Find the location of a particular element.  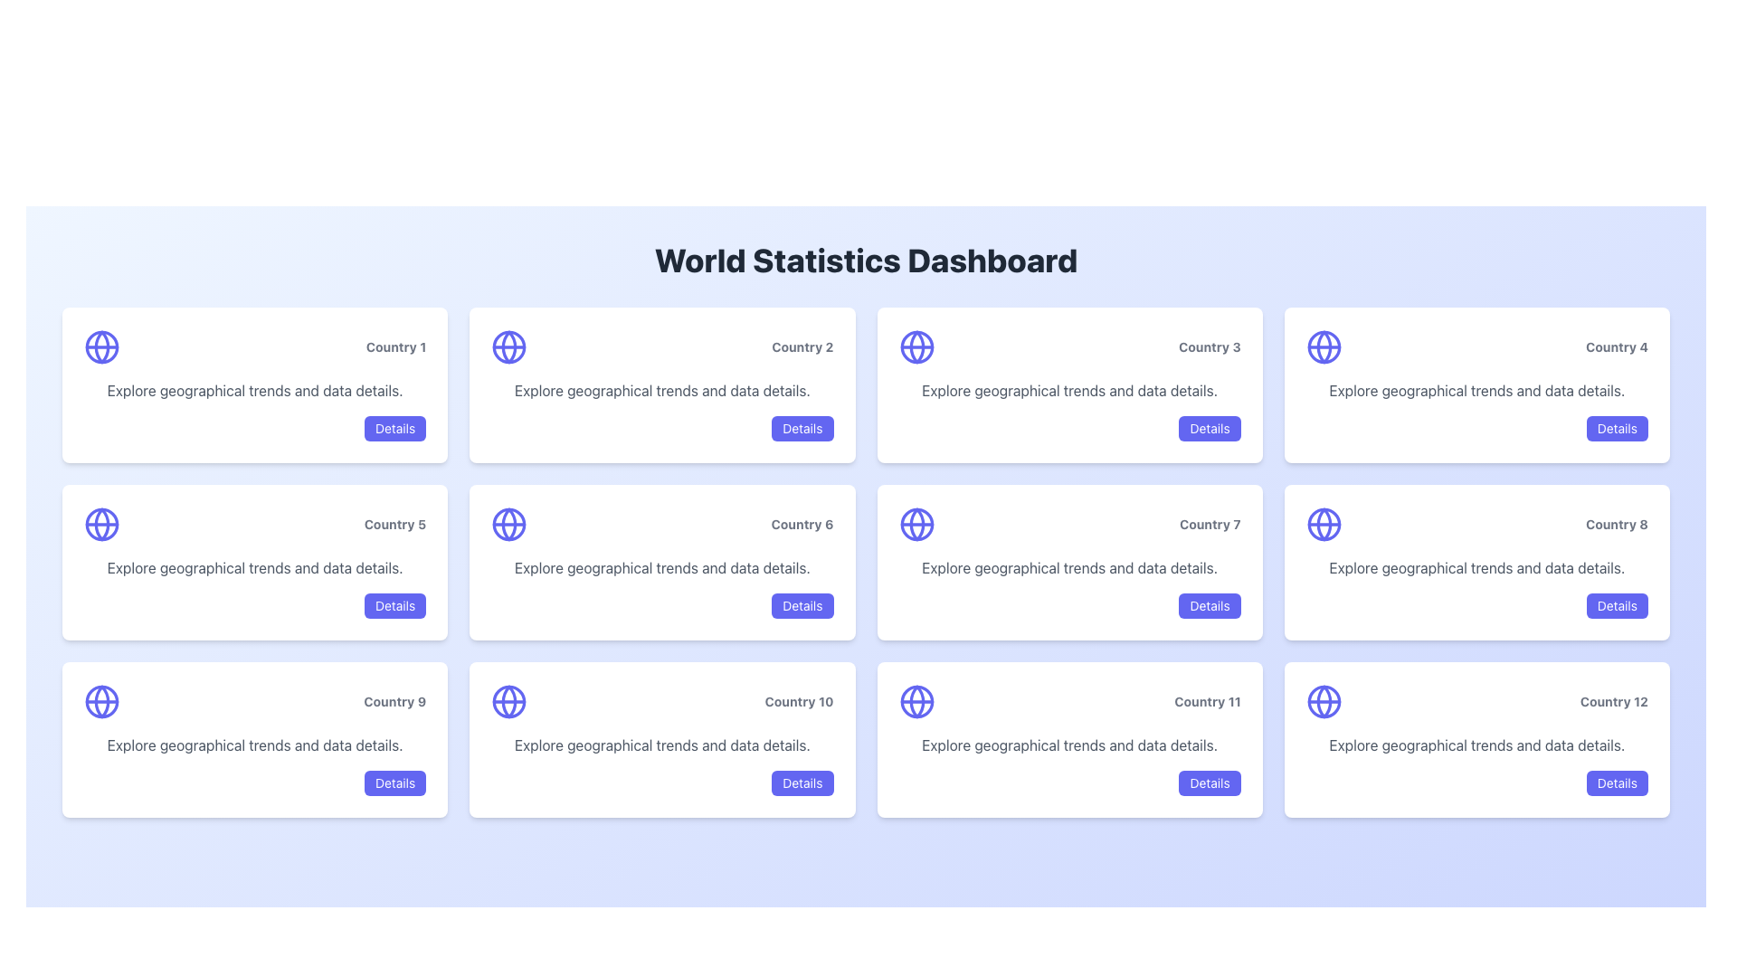

the central circular part of the globe icon representing 'Country 7' in the World Statistics Dashboard is located at coordinates (916, 524).